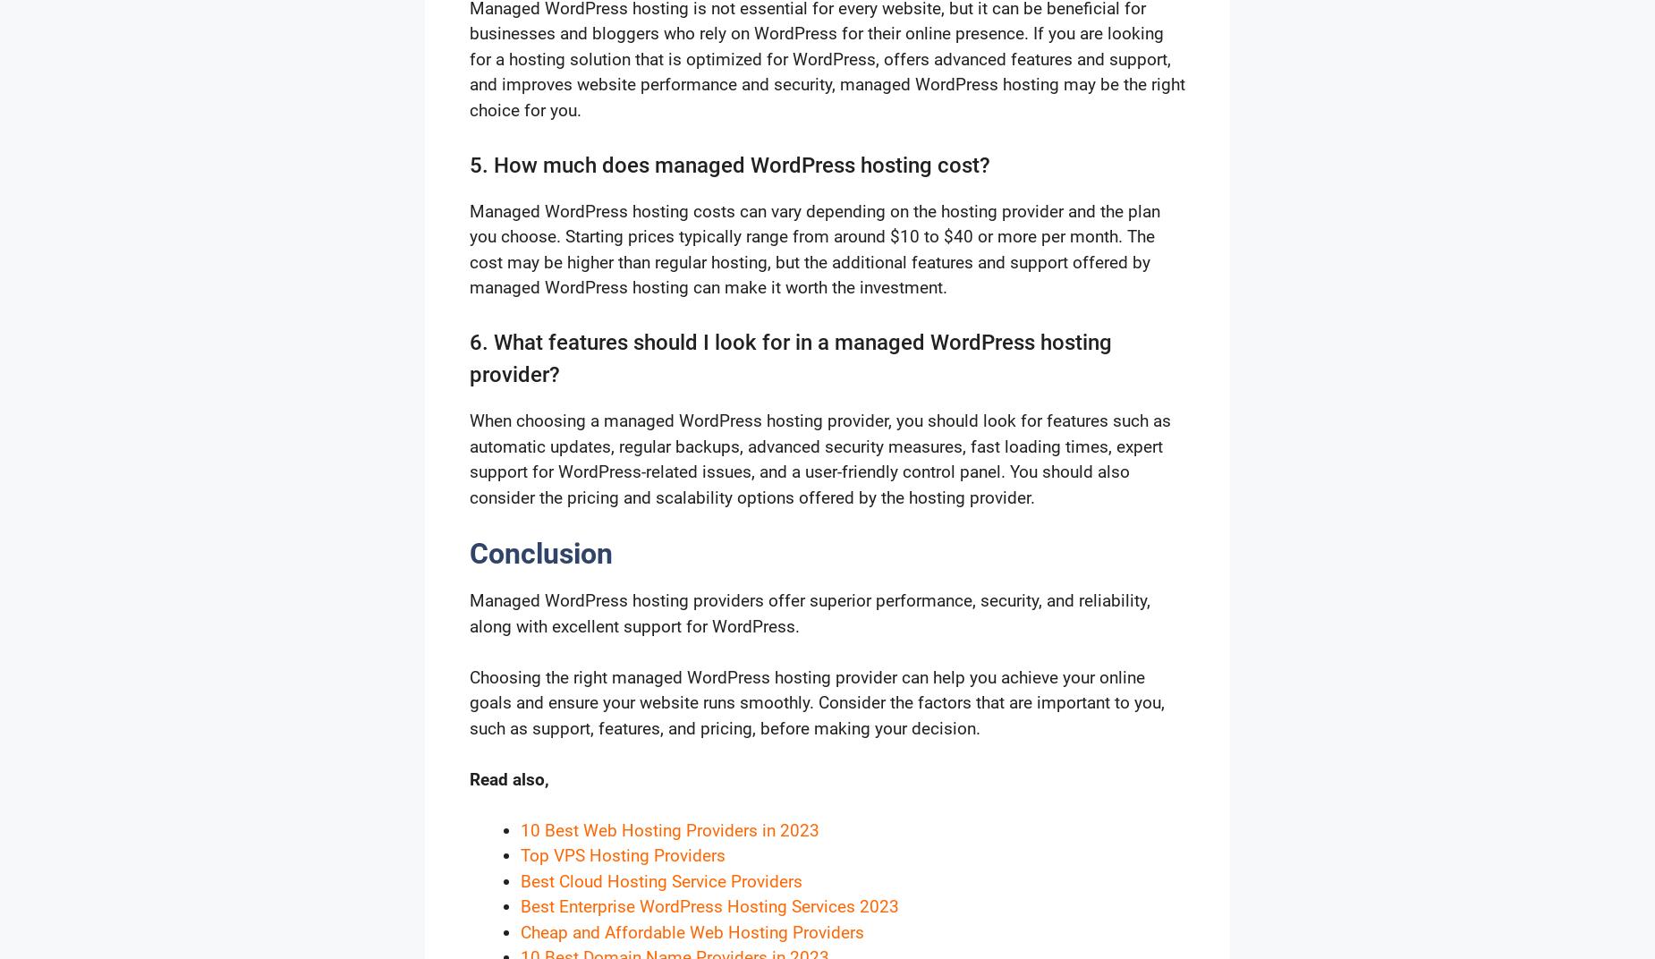  What do you see at coordinates (730, 163) in the screenshot?
I see `'5. How much does managed WordPress hosting cost?'` at bounding box center [730, 163].